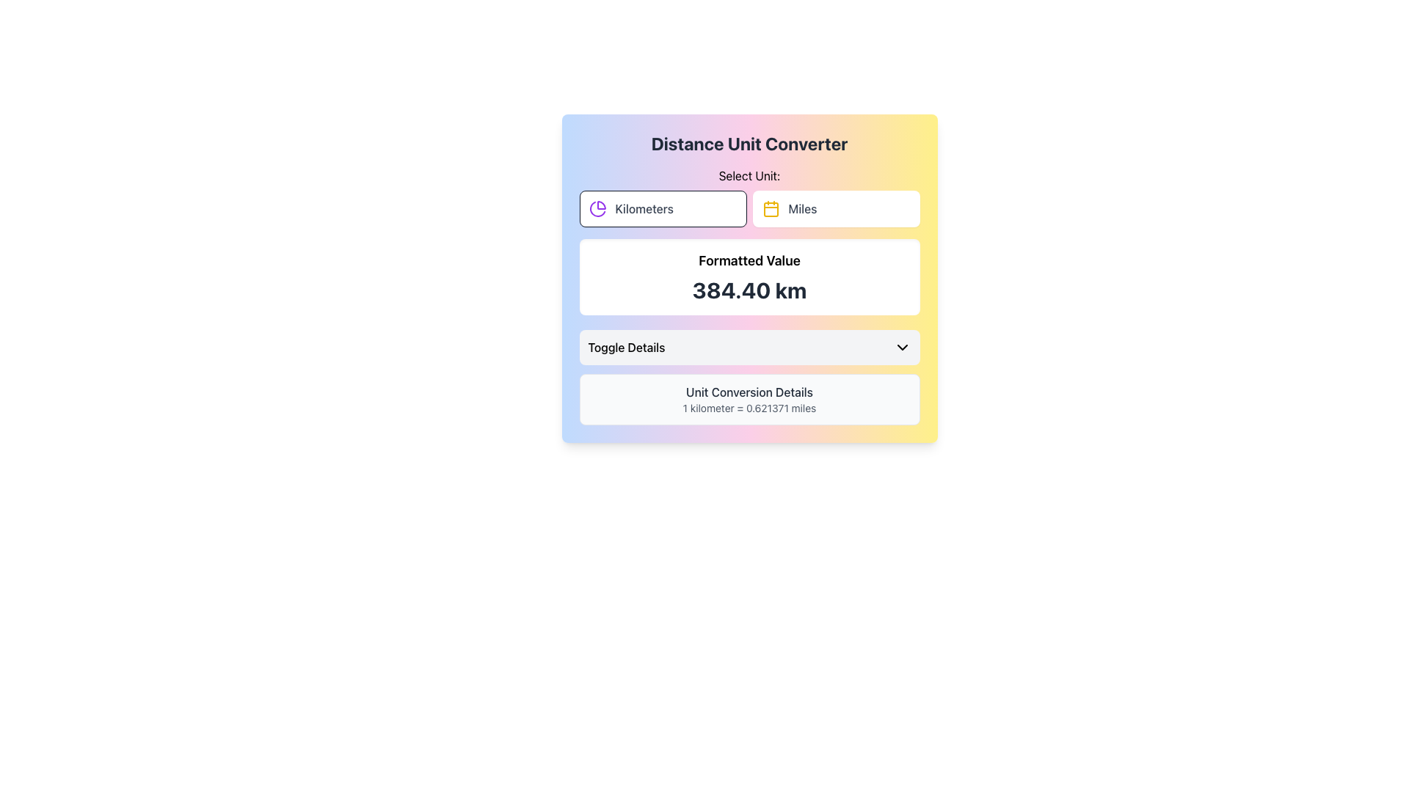 This screenshot has height=792, width=1409. What do you see at coordinates (662, 209) in the screenshot?
I see `the left button labeled 'Kilometers' in the 'Select Unit' section` at bounding box center [662, 209].